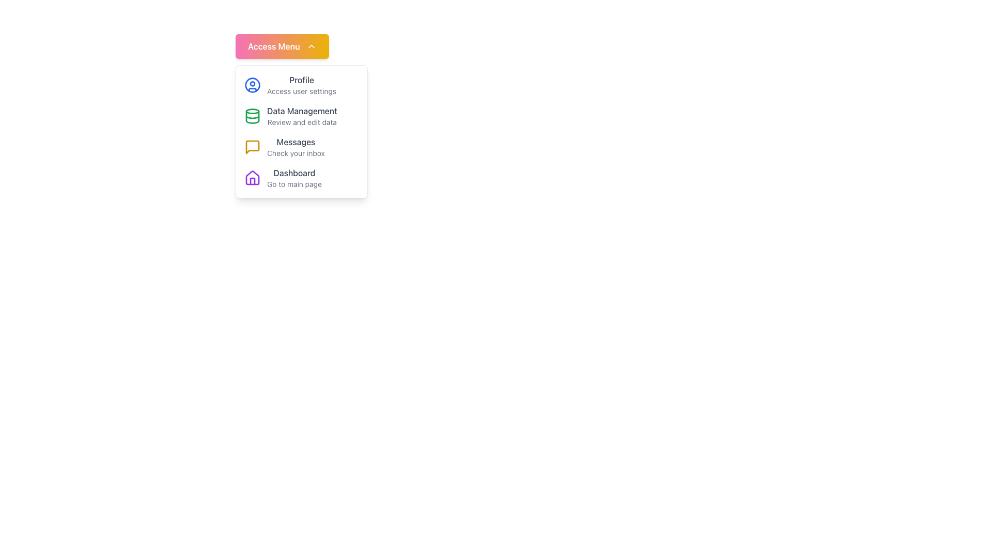 The height and width of the screenshot is (558, 992). What do you see at coordinates (253, 85) in the screenshot?
I see `the circular profile icon with a blue outline located to the left of the text 'Profile' in the drop-down menu under the 'Access Menu' button` at bounding box center [253, 85].